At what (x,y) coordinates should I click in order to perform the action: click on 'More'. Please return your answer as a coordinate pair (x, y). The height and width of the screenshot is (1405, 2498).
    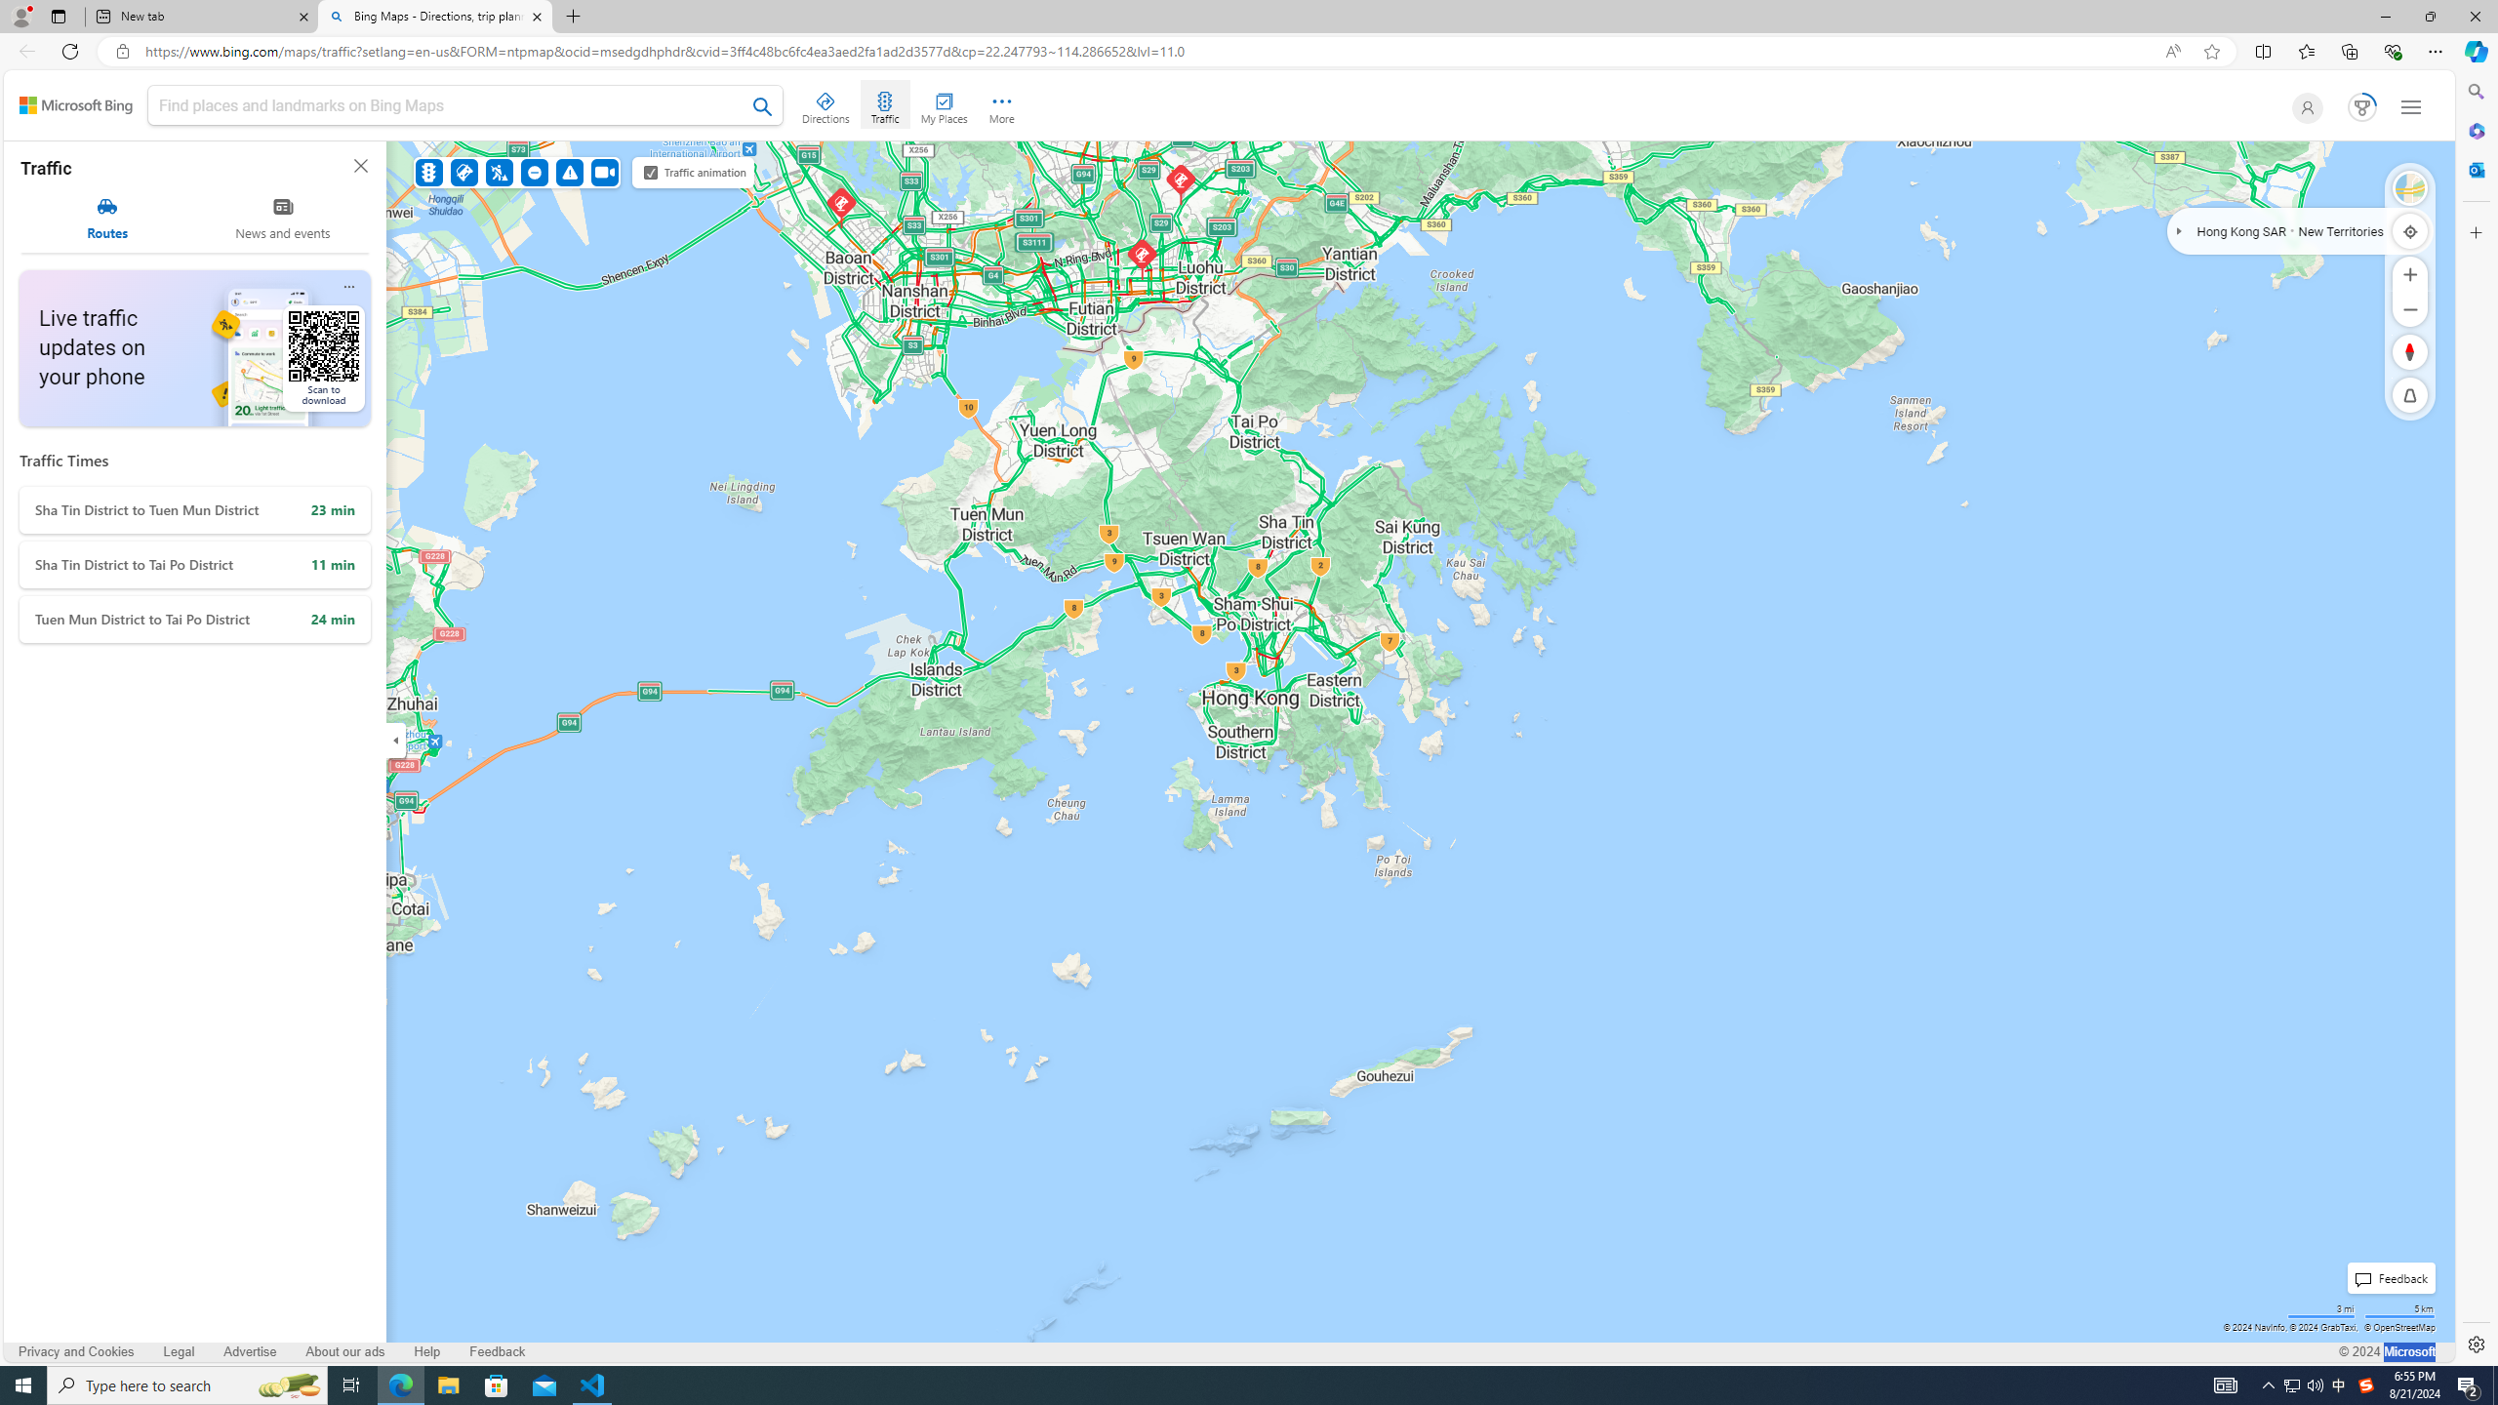
    Looking at the image, I should click on (1001, 104).